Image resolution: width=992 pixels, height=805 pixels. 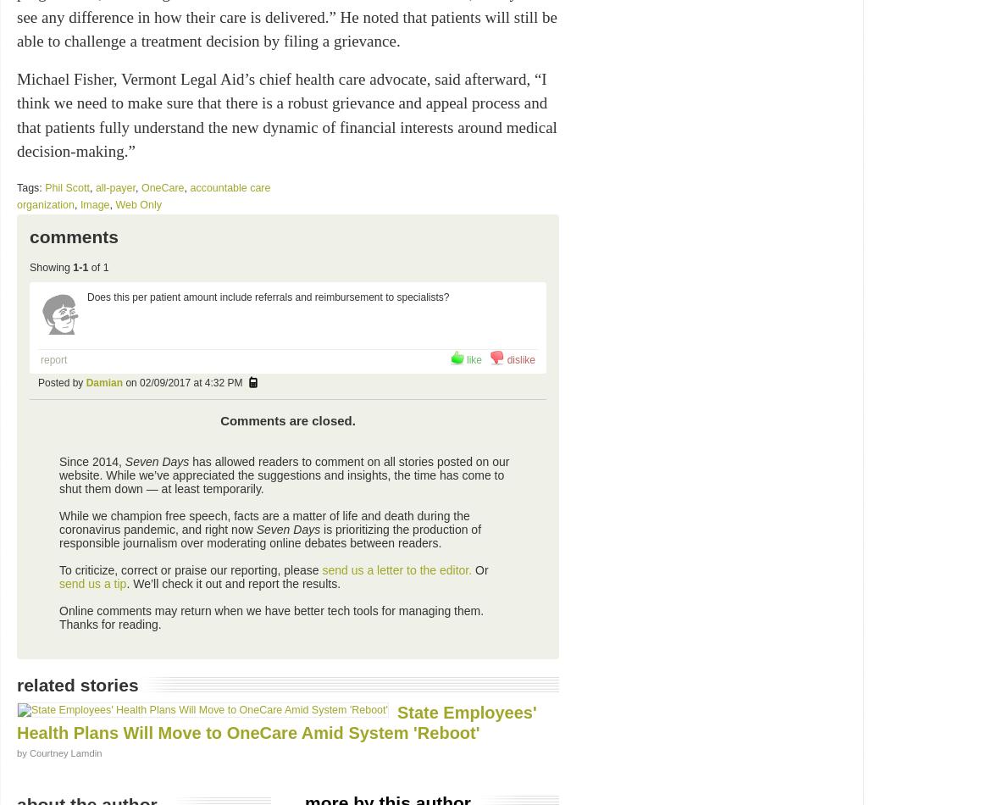 What do you see at coordinates (472, 569) in the screenshot?
I see `'Or'` at bounding box center [472, 569].